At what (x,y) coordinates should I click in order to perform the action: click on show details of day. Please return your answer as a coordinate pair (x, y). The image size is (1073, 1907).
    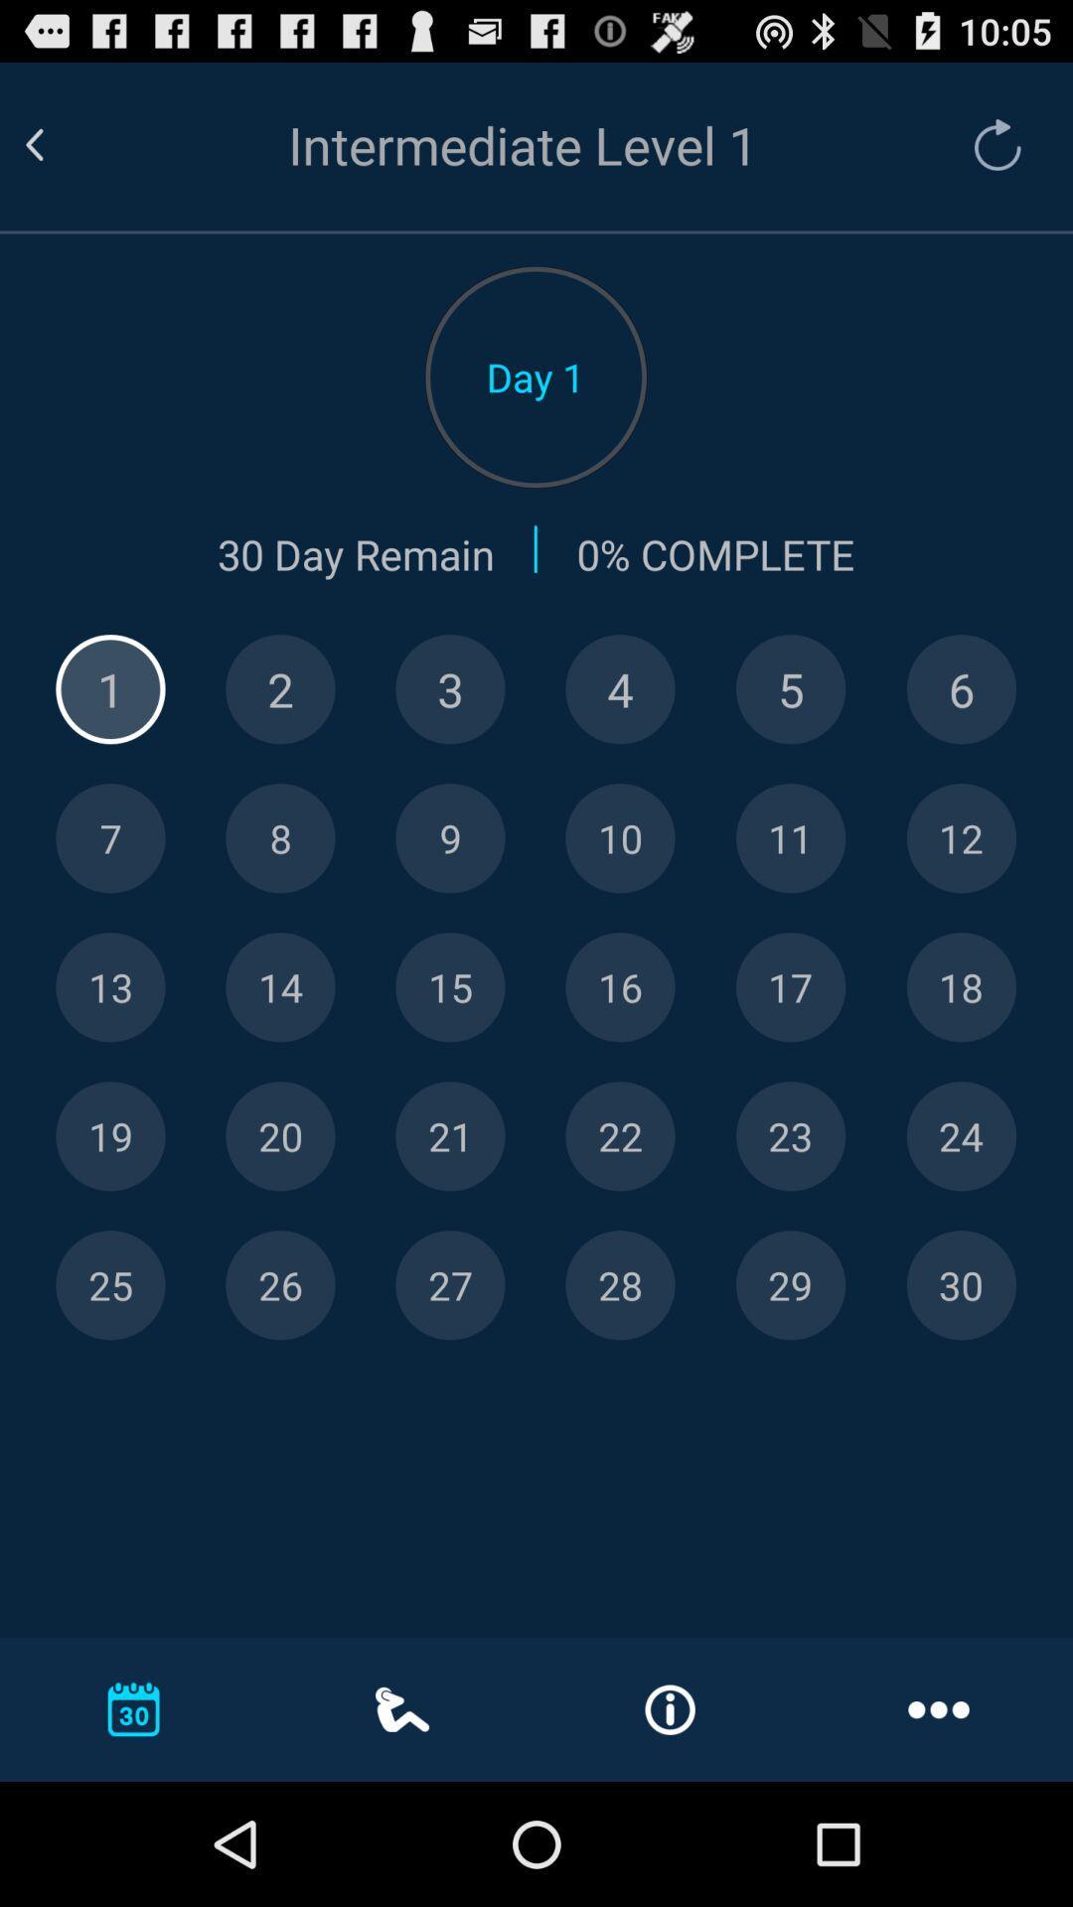
    Looking at the image, I should click on (280, 689).